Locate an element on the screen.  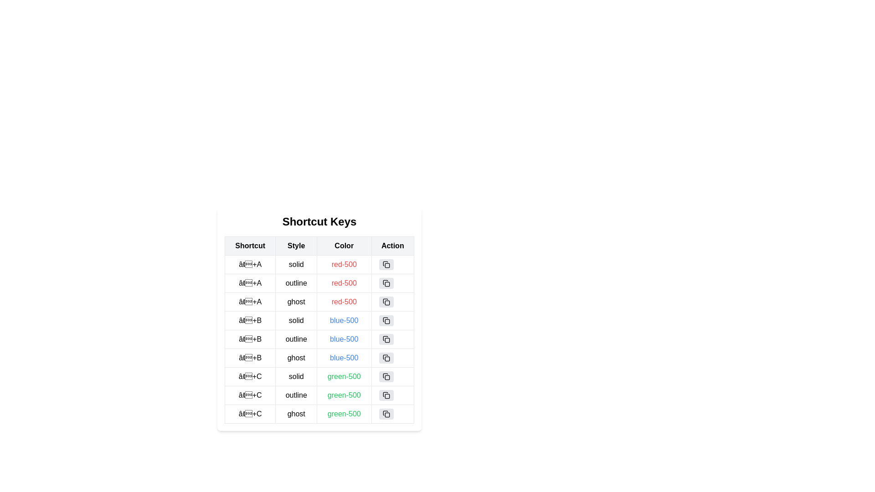
the Text label displaying the shortcut key combination '⌘+A' in the third row of the 'Shortcut' column, styled with 'ghost' style and 'red-500' color is located at coordinates (250, 302).